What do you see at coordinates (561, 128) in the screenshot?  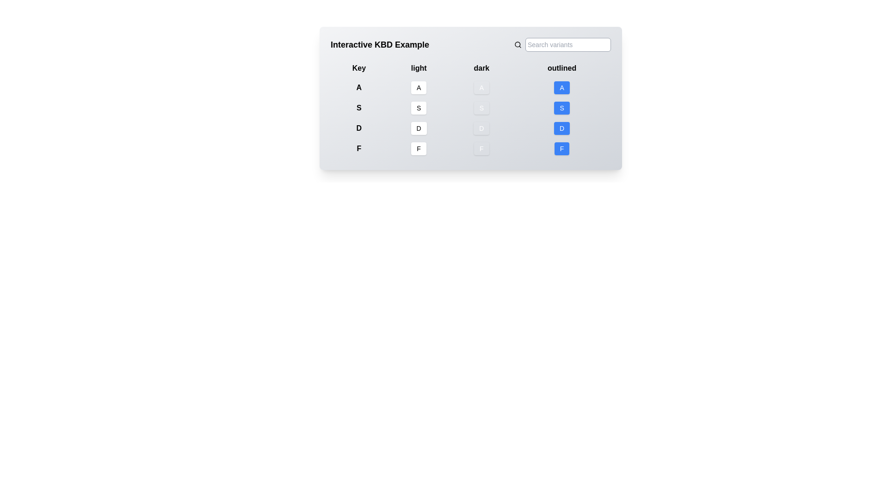 I see `the small rectangular button with the letter 'D' in white on a blue background, located in the outlined column, specifically the third button in that column` at bounding box center [561, 128].